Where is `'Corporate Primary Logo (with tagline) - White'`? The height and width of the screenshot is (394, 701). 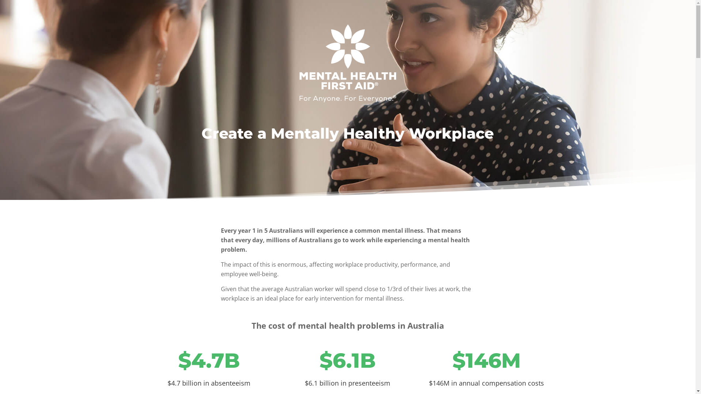
'Corporate Primary Logo (with tagline) - White' is located at coordinates (347, 63).